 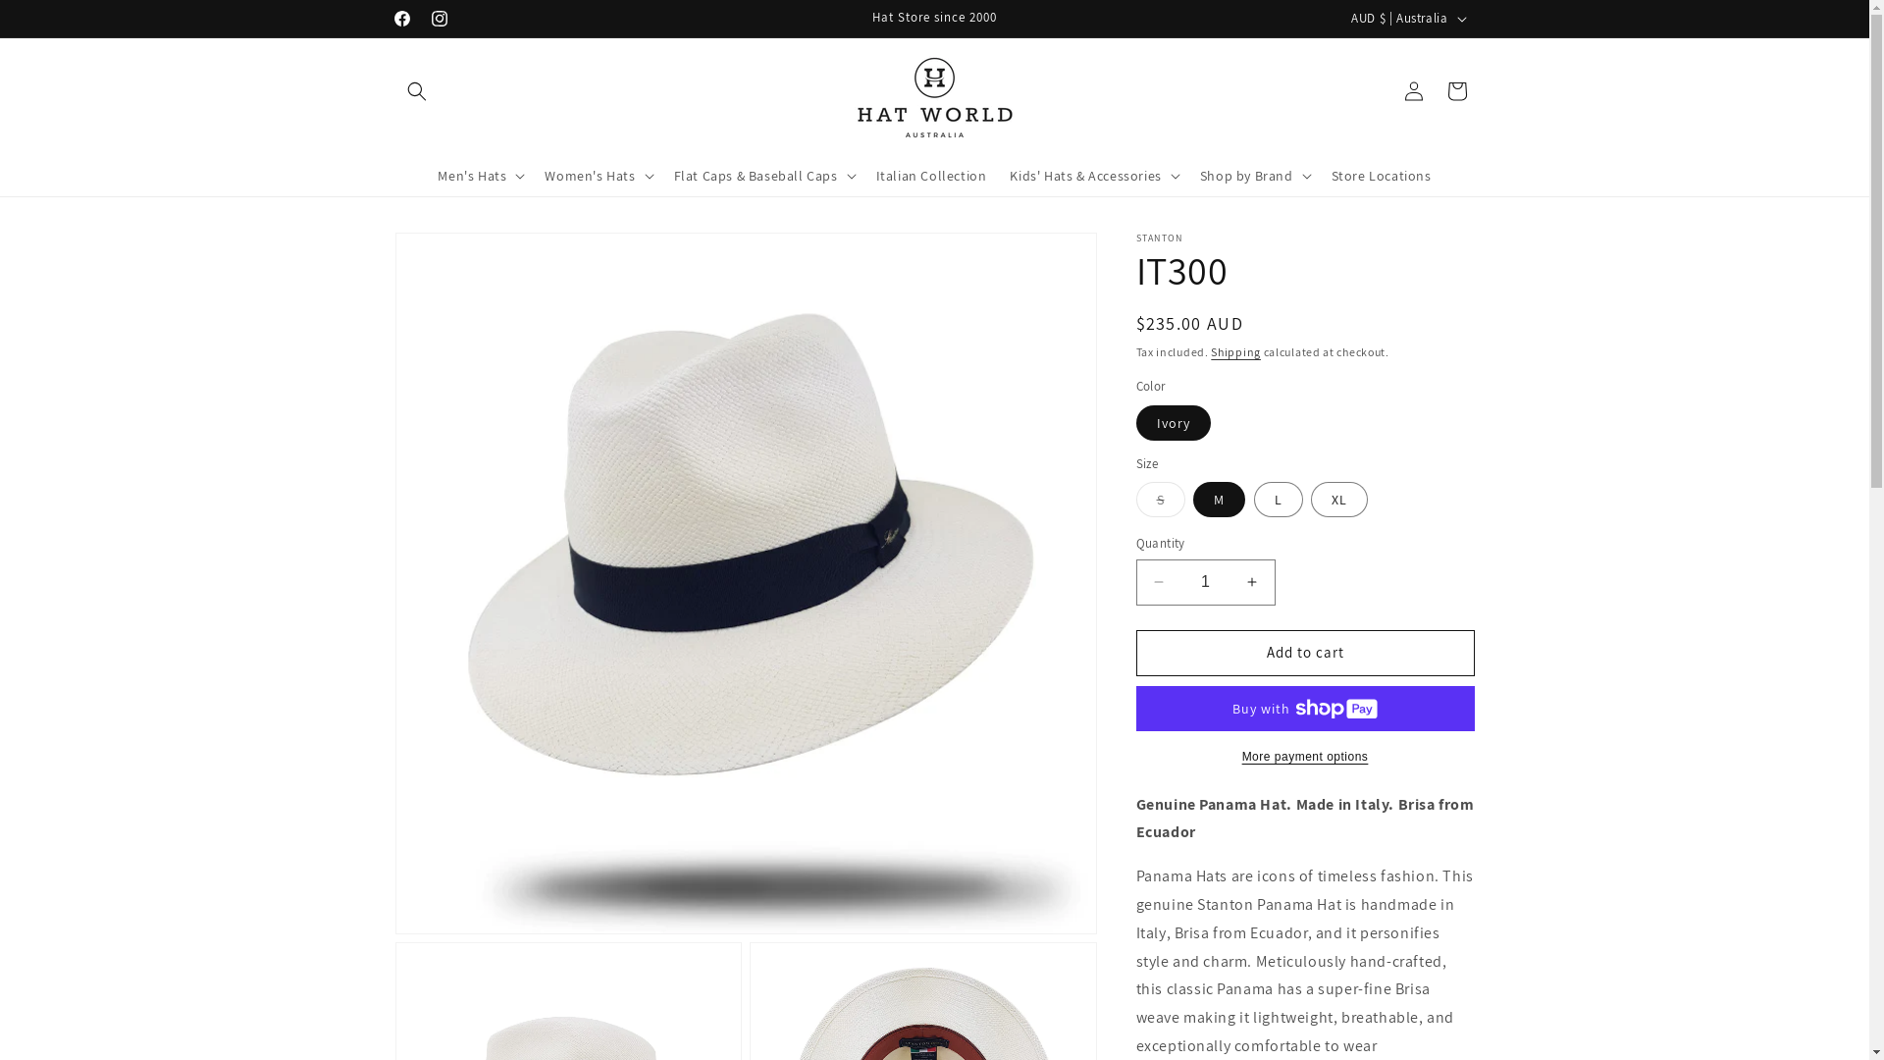 What do you see at coordinates (1455, 90) in the screenshot?
I see `'Cart'` at bounding box center [1455, 90].